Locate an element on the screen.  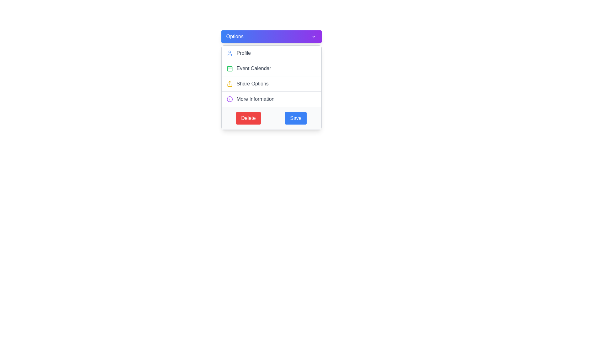
the delete button located at the bottom of the user interface panel is located at coordinates (248, 118).